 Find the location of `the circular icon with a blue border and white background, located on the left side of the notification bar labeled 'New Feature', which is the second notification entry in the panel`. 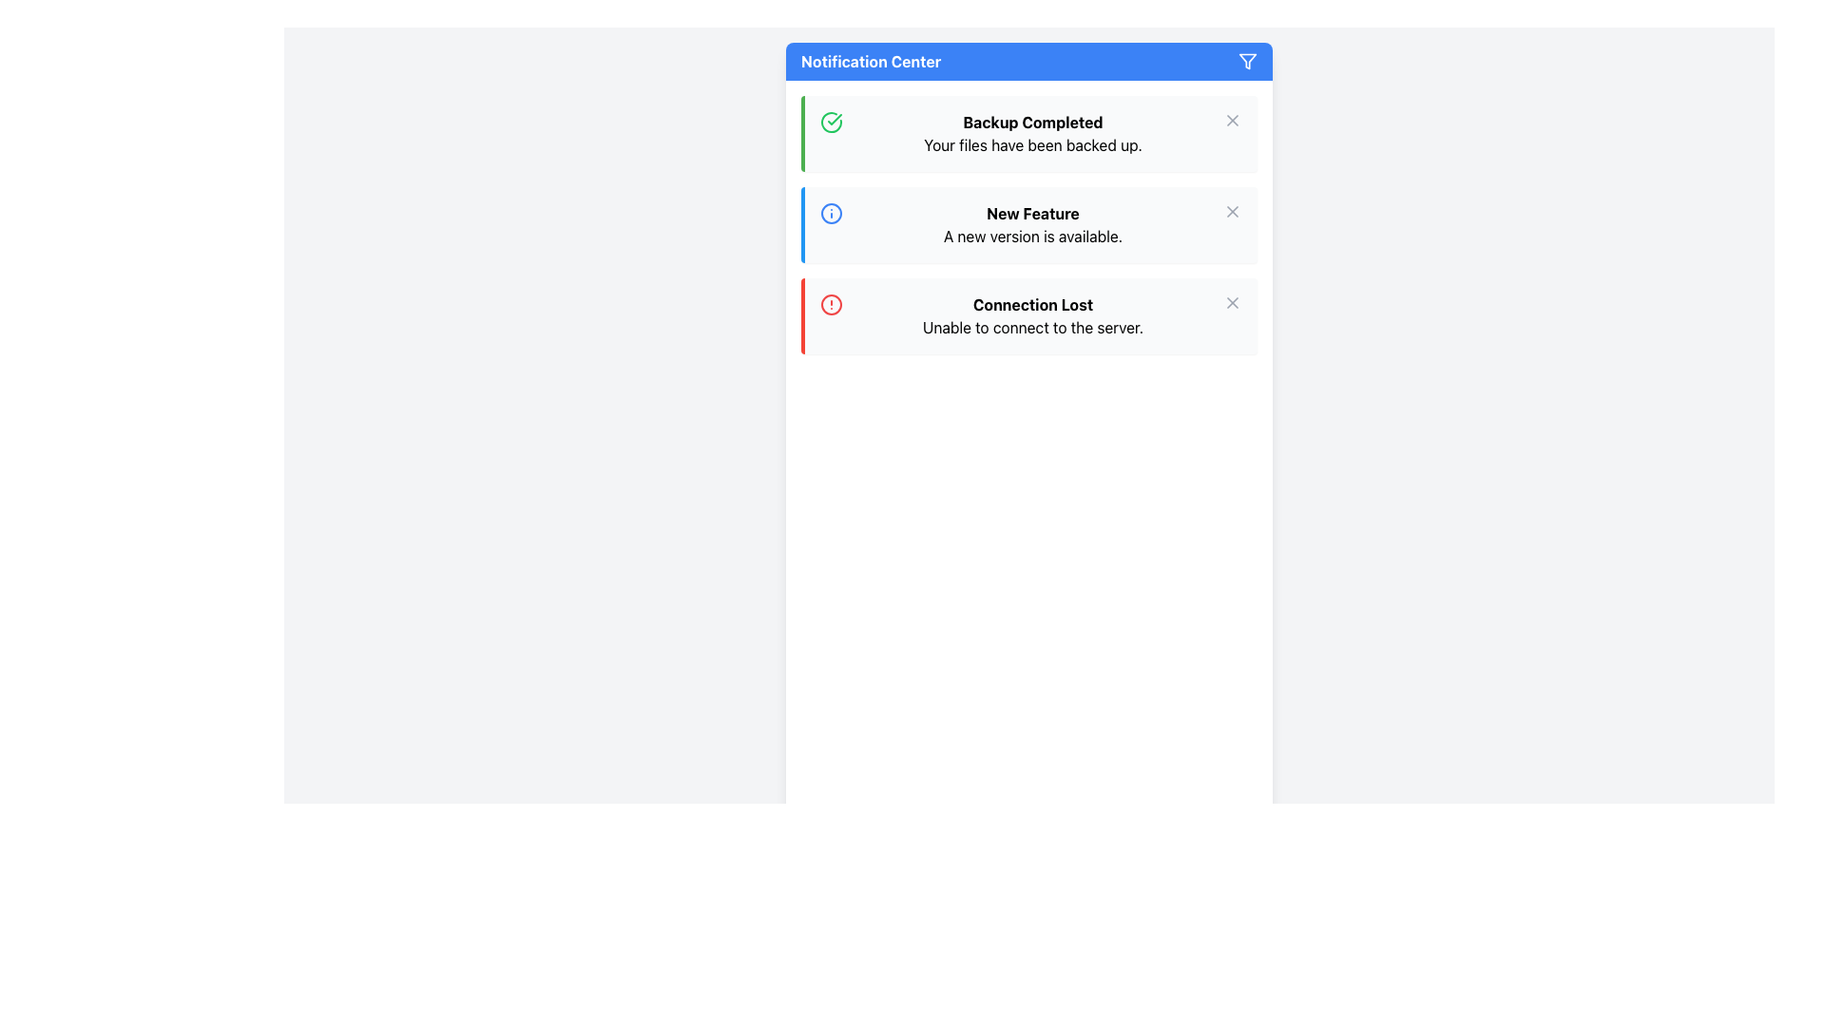

the circular icon with a blue border and white background, located on the left side of the notification bar labeled 'New Feature', which is the second notification entry in the panel is located at coordinates (831, 213).